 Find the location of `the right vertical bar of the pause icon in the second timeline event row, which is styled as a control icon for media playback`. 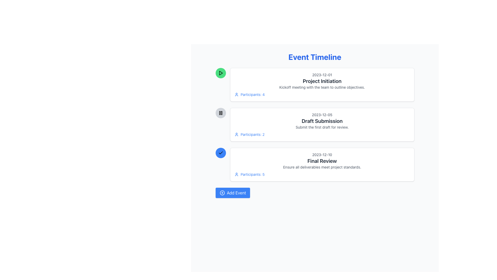

the right vertical bar of the pause icon in the second timeline event row, which is styled as a control icon for media playback is located at coordinates (221, 113).